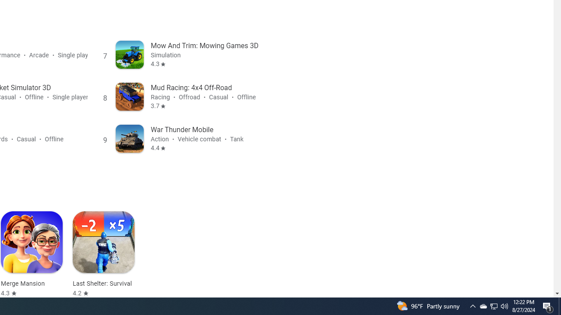 The height and width of the screenshot is (315, 561). I want to click on 'Merge Mansion Rated 4.3 stars out of five stars', so click(32, 254).